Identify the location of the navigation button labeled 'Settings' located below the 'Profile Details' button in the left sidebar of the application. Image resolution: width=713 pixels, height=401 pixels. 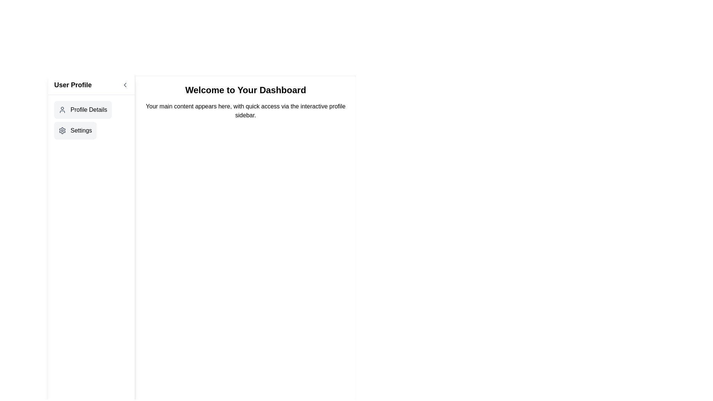
(75, 130).